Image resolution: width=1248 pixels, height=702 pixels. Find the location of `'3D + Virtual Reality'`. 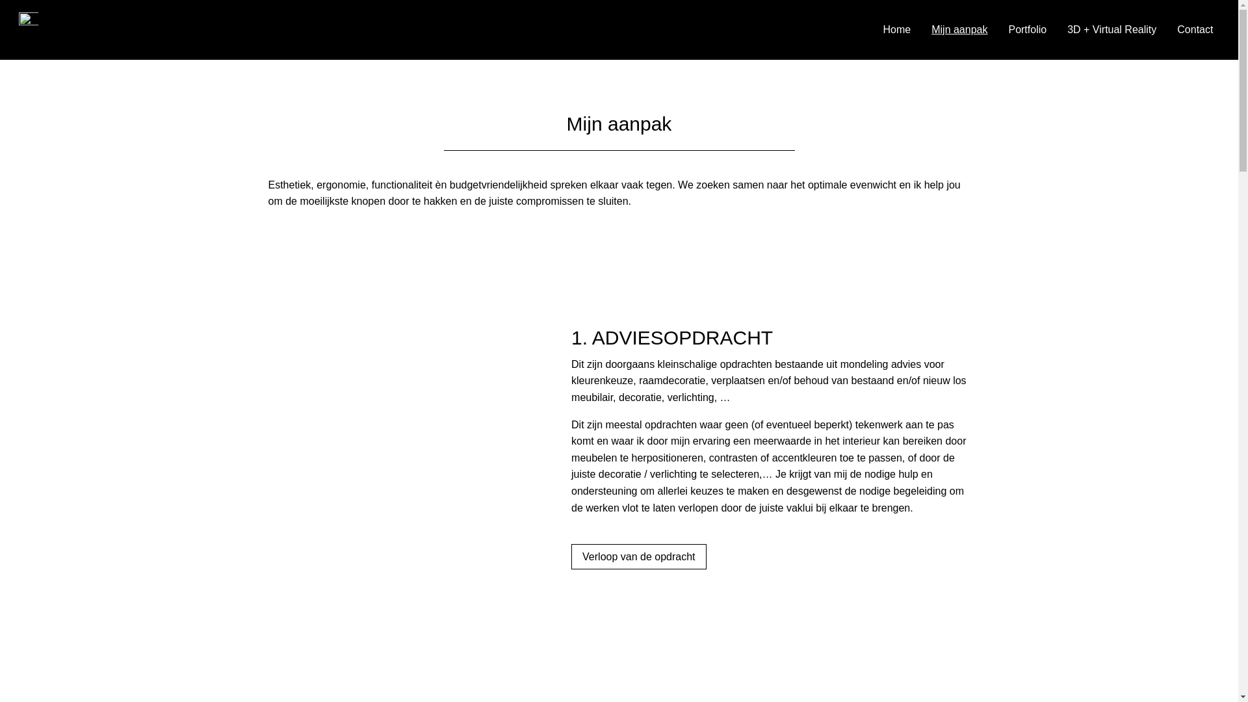

'3D + Virtual Reality' is located at coordinates (1067, 29).